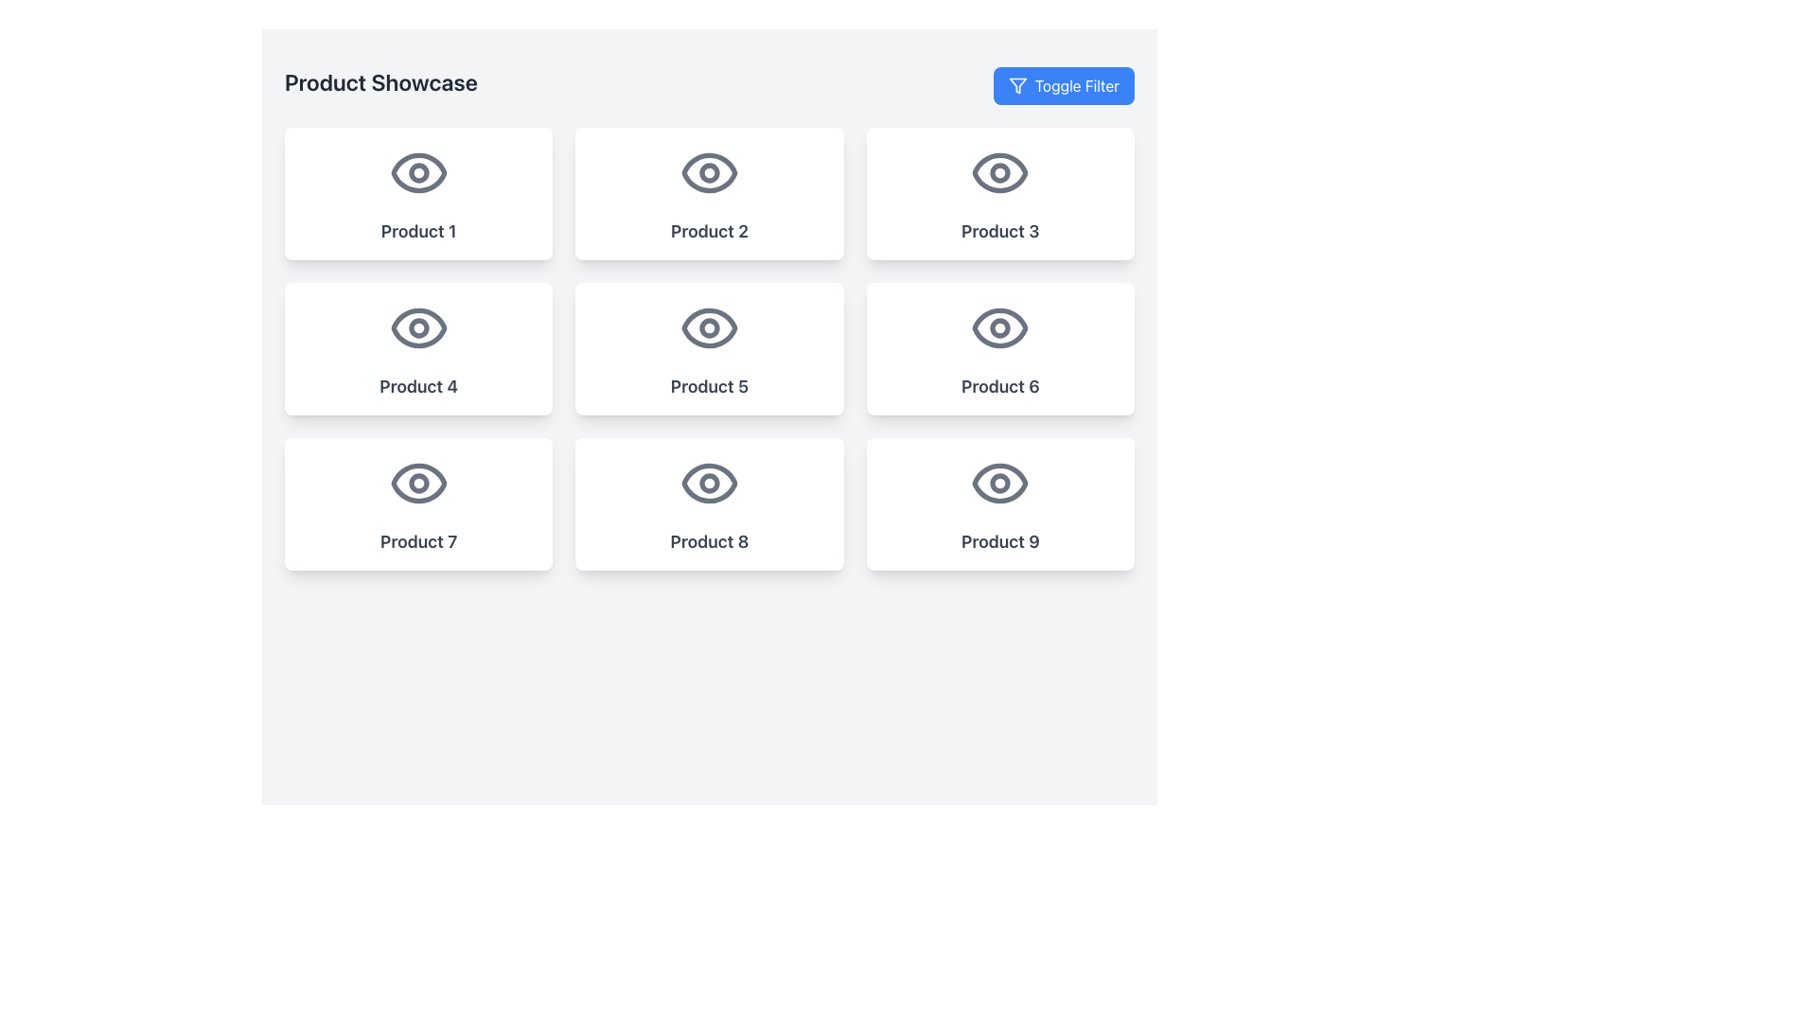  What do you see at coordinates (708, 327) in the screenshot?
I see `the stylized eye icon located in the fifth card of a three-by-three grid layout, which features a larger elliptical outline and a smaller circular element` at bounding box center [708, 327].